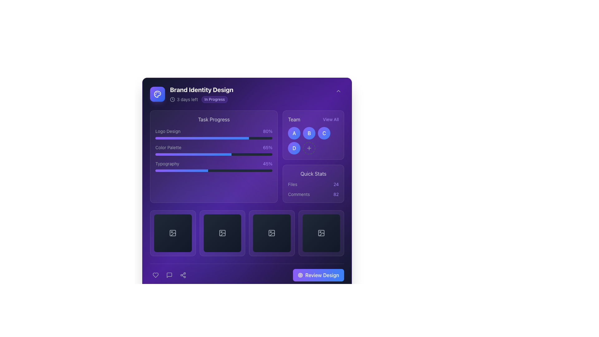 Image resolution: width=599 pixels, height=337 pixels. What do you see at coordinates (336, 184) in the screenshot?
I see `the text label indicating a count or statistic related to files in the 'Quick Stats' section, located to the right of the text 'Files'` at bounding box center [336, 184].